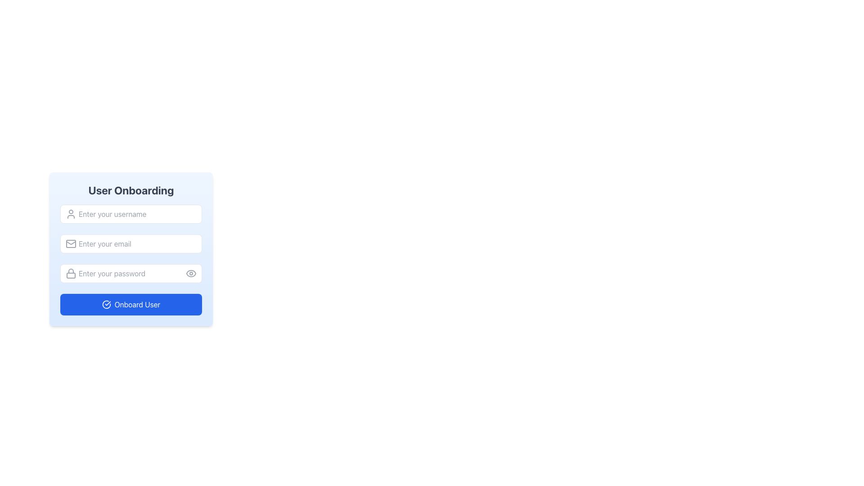 This screenshot has height=486, width=864. What do you see at coordinates (71, 273) in the screenshot?
I see `the small gray lock icon located on the left side of the password input field, which has a rounded corner design and is part of the password input section` at bounding box center [71, 273].